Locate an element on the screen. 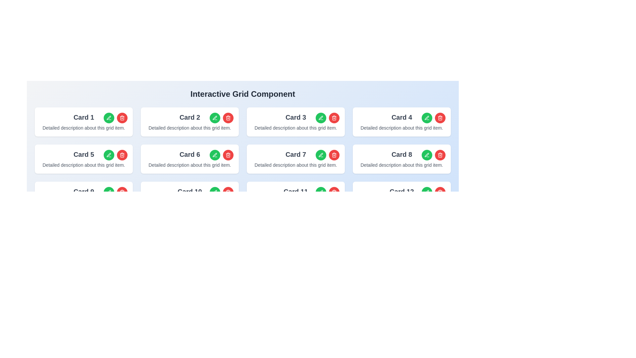 This screenshot has height=358, width=636. the circular red button with a white trash can icon located in the top-right corner of 'Card 1' is located at coordinates (122, 117).